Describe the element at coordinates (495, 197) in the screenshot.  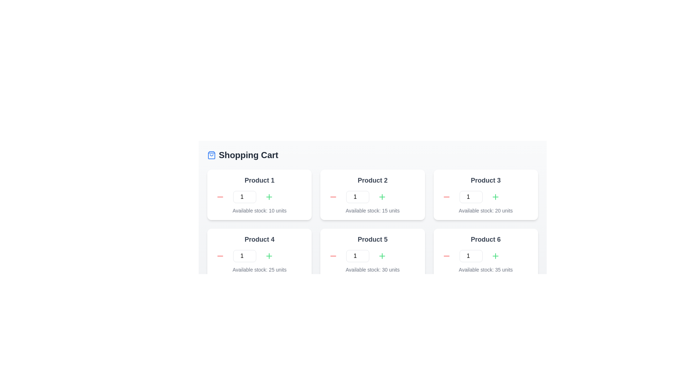
I see `the increment button for 'Product 3'` at that location.